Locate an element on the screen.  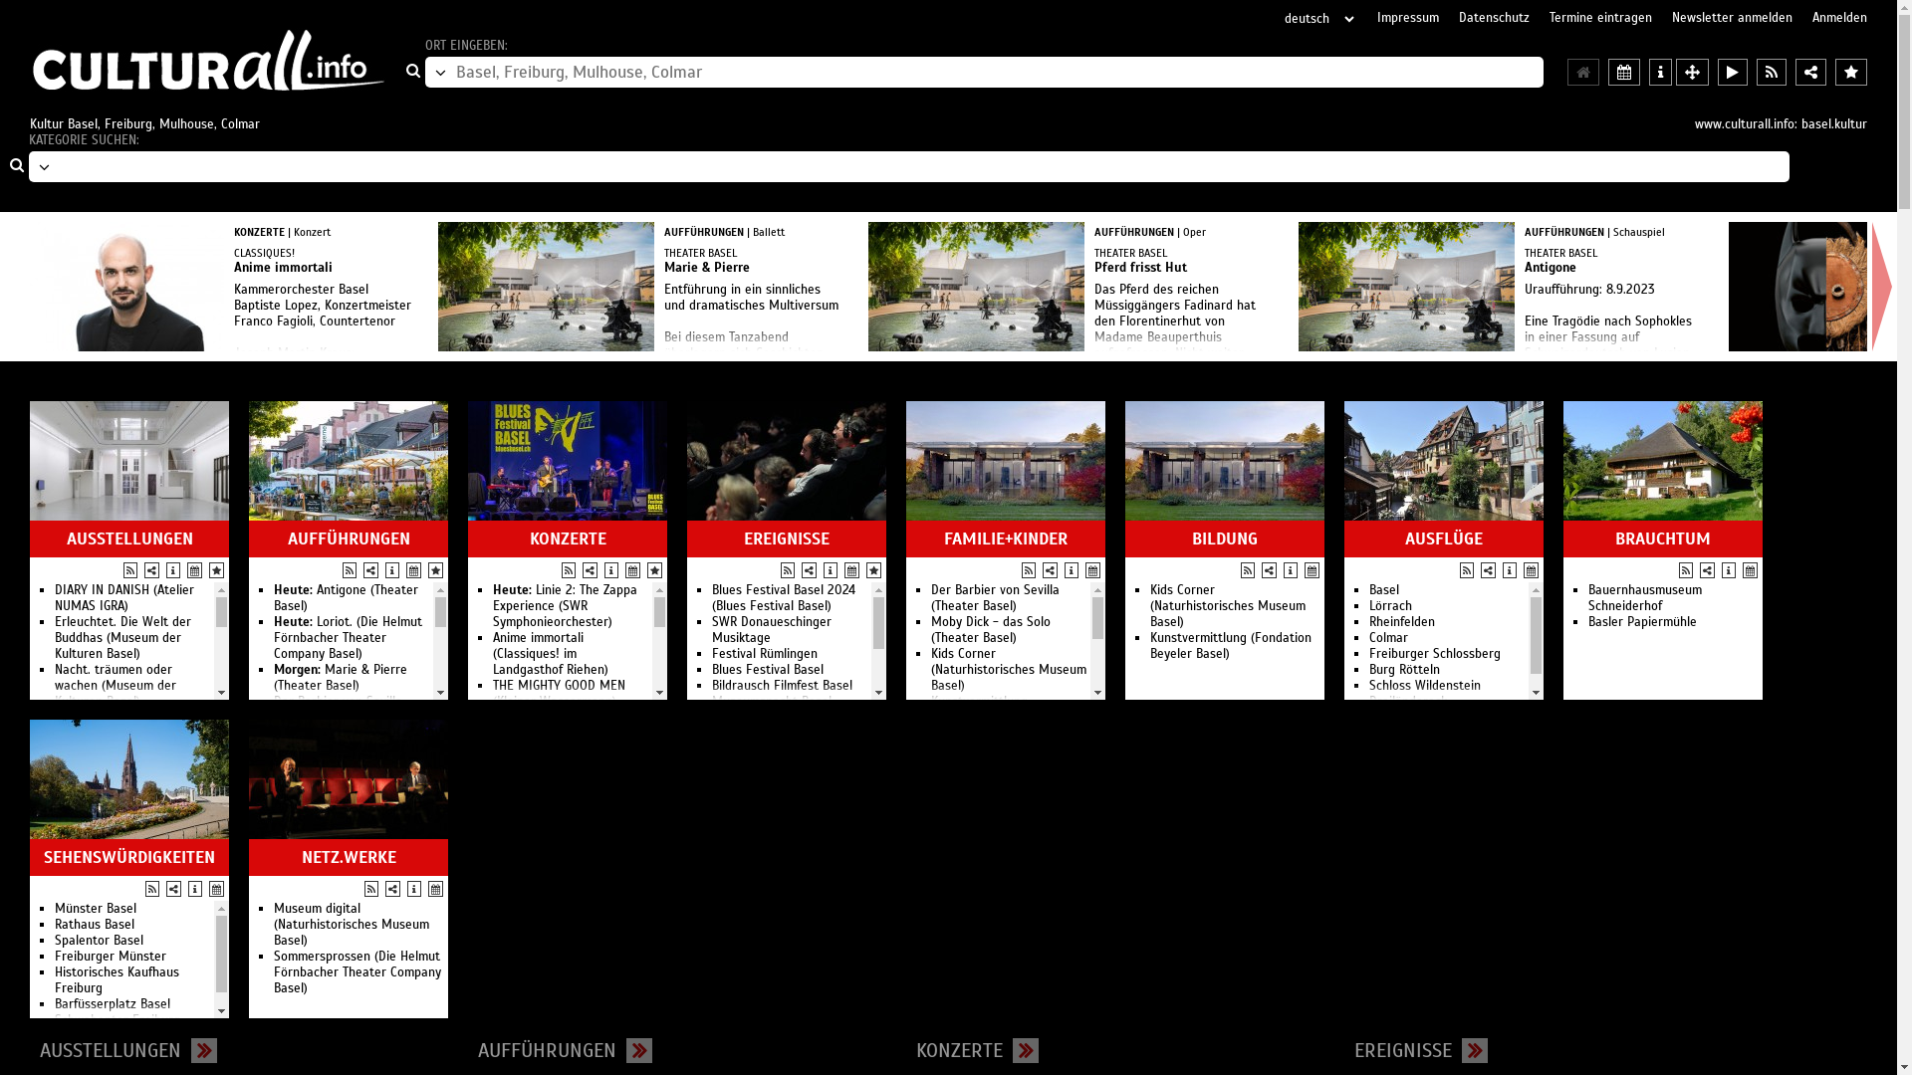
'Schloss Wildenstein' is located at coordinates (1423, 685).